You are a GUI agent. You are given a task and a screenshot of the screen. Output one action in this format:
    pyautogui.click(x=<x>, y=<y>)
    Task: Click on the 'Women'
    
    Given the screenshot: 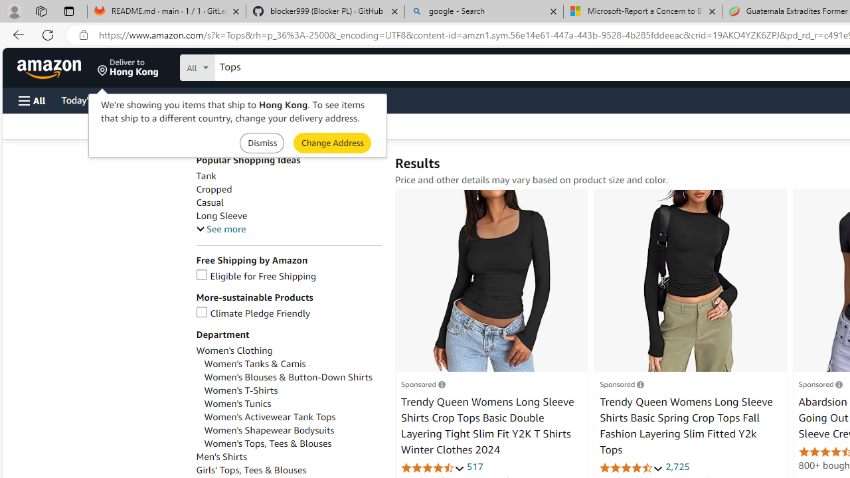 What is the action you would take?
    pyautogui.click(x=287, y=377)
    